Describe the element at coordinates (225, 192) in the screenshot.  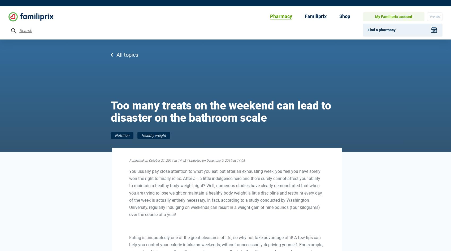
I see `'You usually pay close attention to what you eat, but after an exhausting week, you feel you have sorely won the right to finally relax. After all, a little indulgence here and there surely cannot affect your ability to maintain a healthy body weight, right? Well, numerous studies have clearly demonstrated that when you are trying to lose weight or maintain a healthy body weight, a little discipline and restraint every day of the week is actually entirely necessary. In fact, according to a study conducted by Washington University, regularly indulging on weekends can result in a weight gain of nine pounds (four kilograms) over the course of a year!'` at that location.